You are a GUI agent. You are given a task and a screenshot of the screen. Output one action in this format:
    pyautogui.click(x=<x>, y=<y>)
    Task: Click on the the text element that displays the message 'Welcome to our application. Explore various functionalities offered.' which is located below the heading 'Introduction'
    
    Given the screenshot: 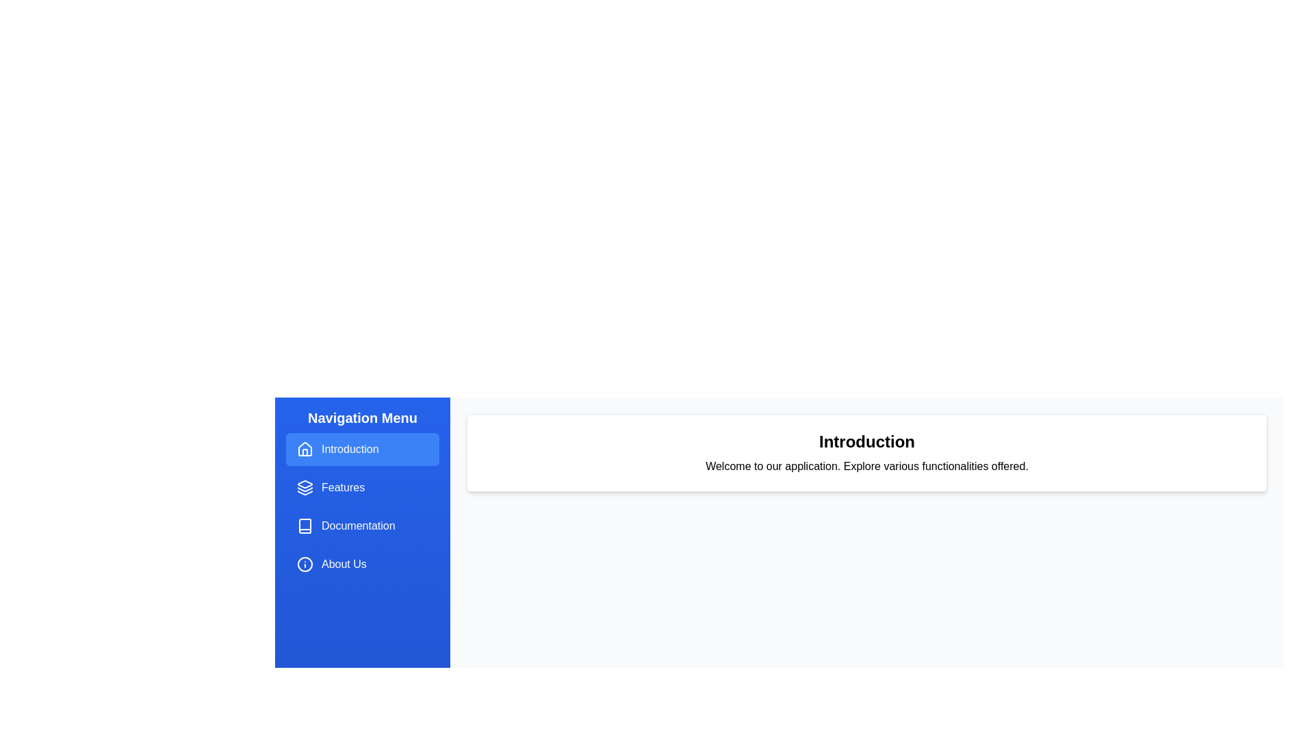 What is the action you would take?
    pyautogui.click(x=866, y=466)
    